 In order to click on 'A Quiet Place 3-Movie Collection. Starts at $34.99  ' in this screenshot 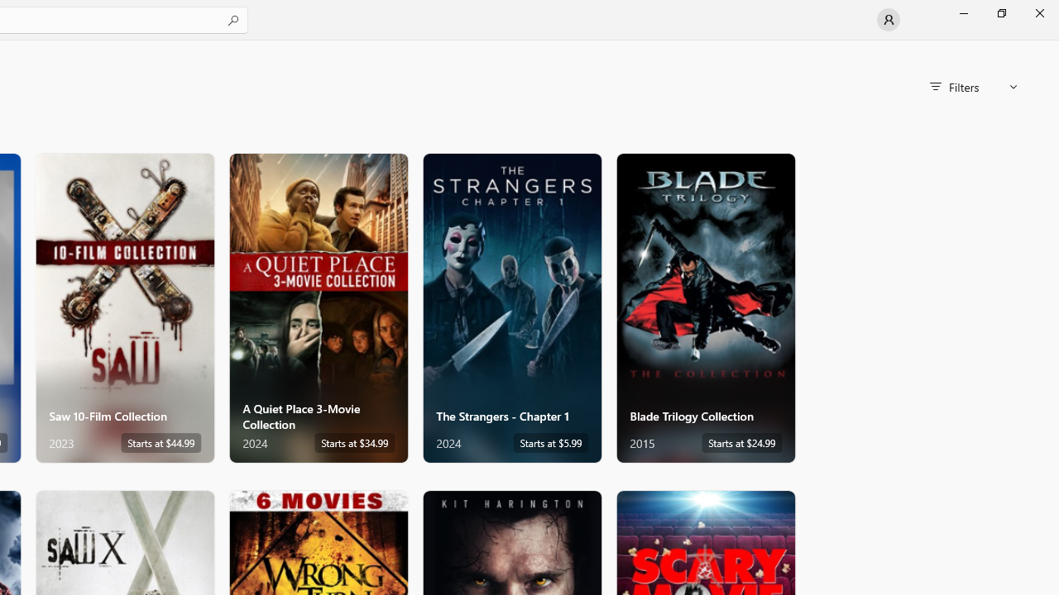, I will do `click(319, 307)`.